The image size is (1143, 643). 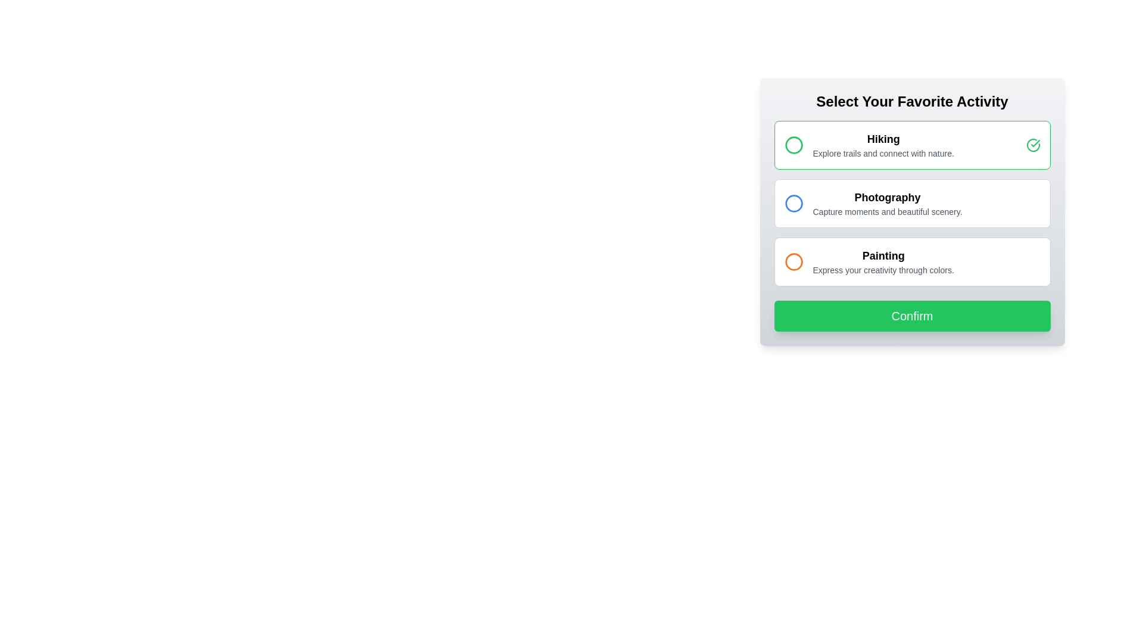 I want to click on the visual state of the 'Hiking' icon component within the SVG element, which indicates its selection by the user, so click(x=794, y=144).